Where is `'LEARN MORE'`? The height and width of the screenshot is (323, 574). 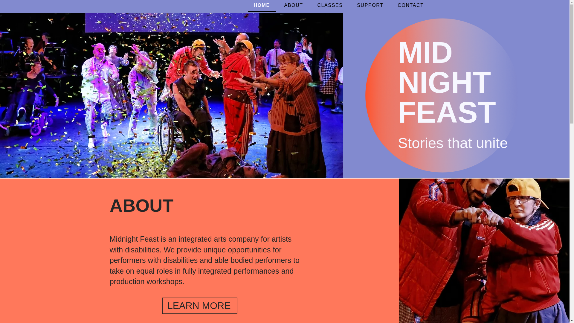 'LEARN MORE' is located at coordinates (199, 306).